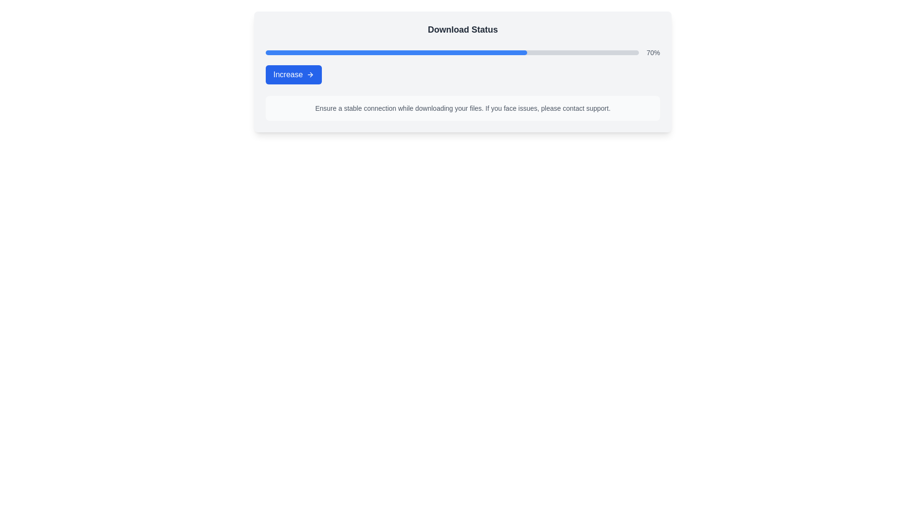 This screenshot has width=921, height=518. I want to click on the text label that serves as the header for the download status card, which is positioned at the top of the card with a light gray background, so click(462, 29).